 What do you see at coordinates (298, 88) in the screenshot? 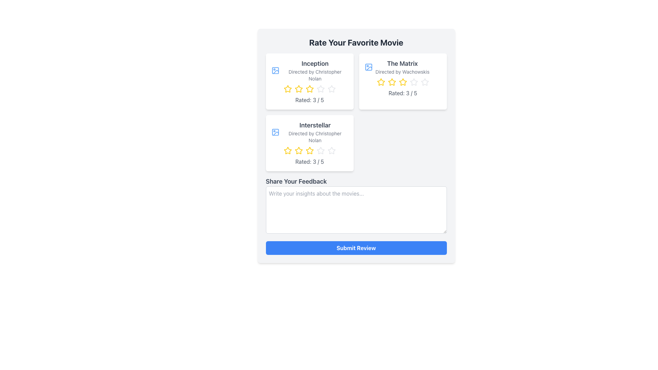
I see `the second star icon` at bounding box center [298, 88].